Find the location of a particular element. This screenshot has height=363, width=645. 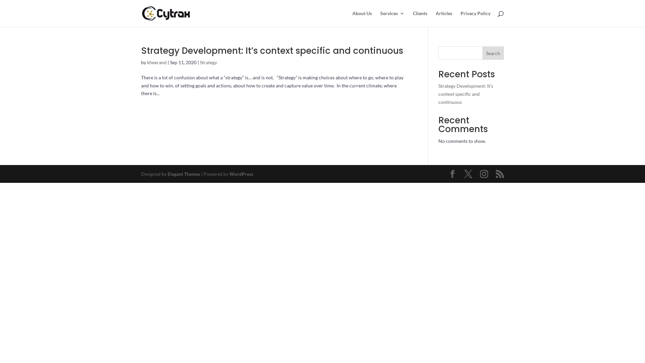

'Strategy' is located at coordinates (208, 62).